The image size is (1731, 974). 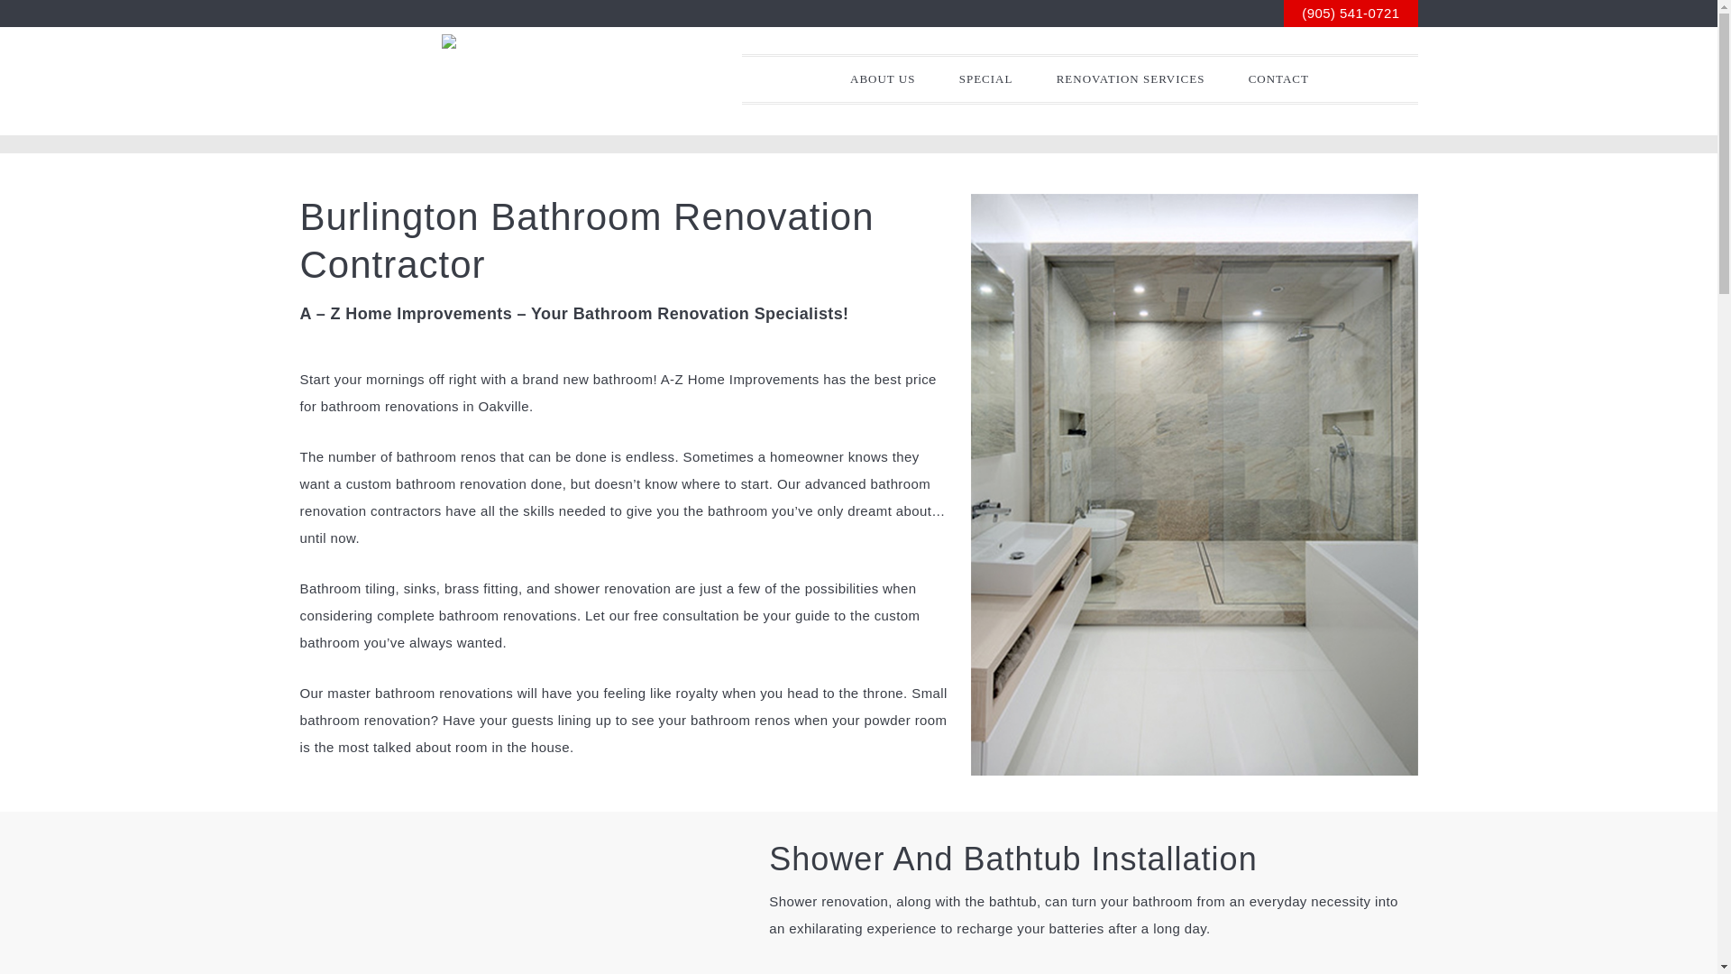 I want to click on 'RENOVATION SERVICES', so click(x=1037, y=78).